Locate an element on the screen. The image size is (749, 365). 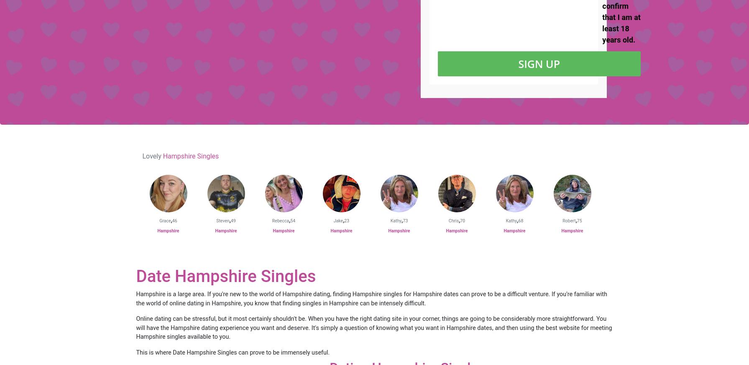
'Jake' is located at coordinates (338, 220).